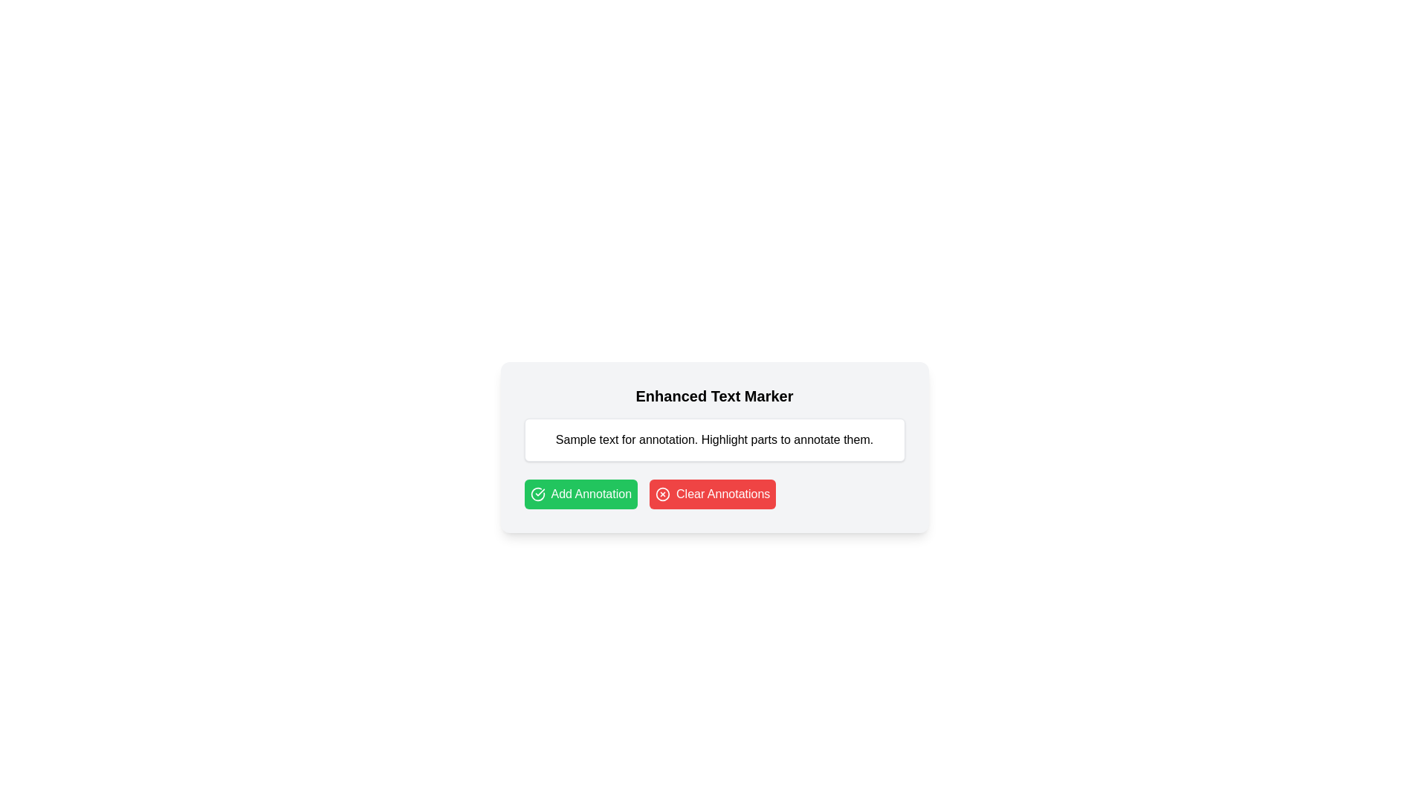 This screenshot has width=1427, height=803. What do you see at coordinates (661, 439) in the screenshot?
I see `the lowercase letter 'o' in the word 'annotation' of the phrase 'Sample text for annotation. Highlight parts to annotate them.'` at bounding box center [661, 439].